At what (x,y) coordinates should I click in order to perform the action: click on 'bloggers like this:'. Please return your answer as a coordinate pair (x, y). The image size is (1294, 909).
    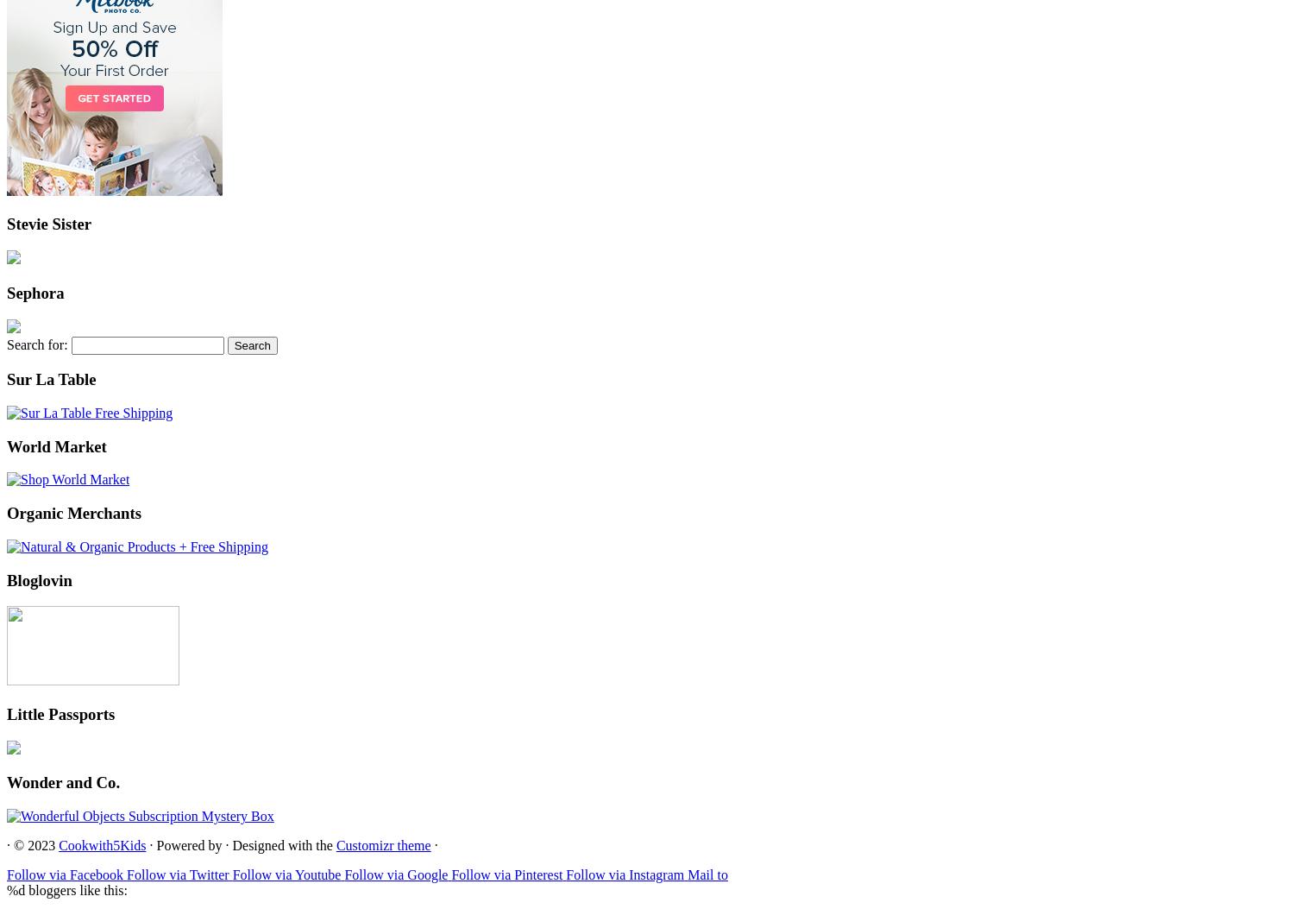
    Looking at the image, I should click on (75, 889).